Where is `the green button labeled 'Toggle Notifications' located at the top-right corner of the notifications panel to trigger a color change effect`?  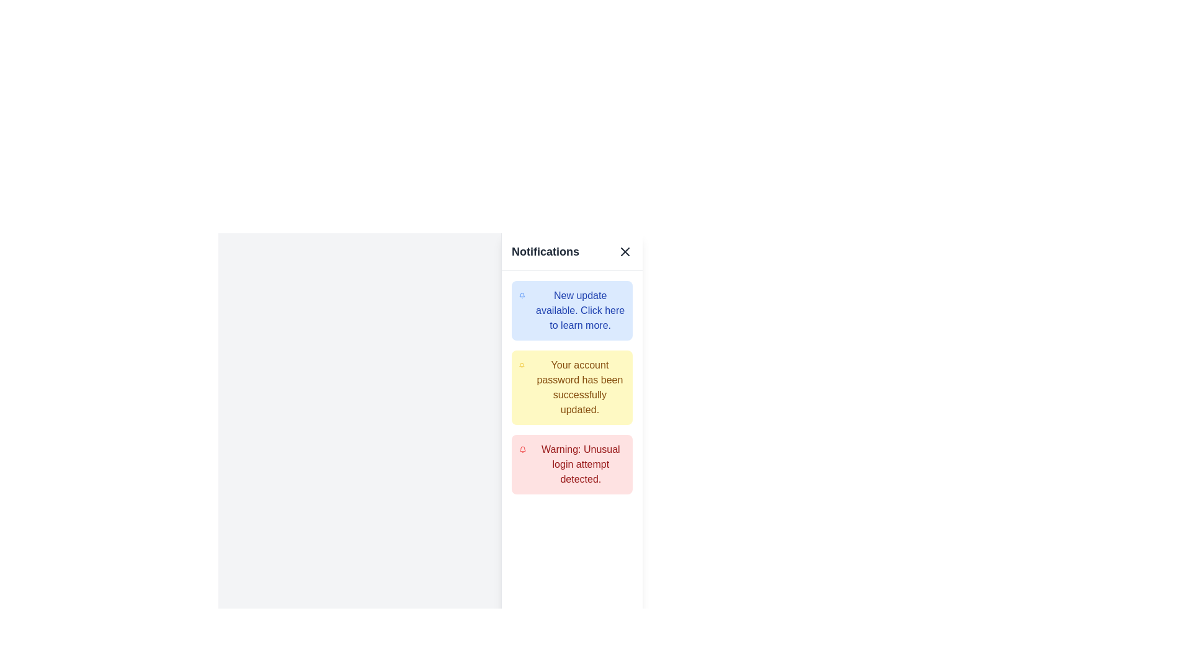 the green button labeled 'Toggle Notifications' located at the top-right corner of the notifications panel to trigger a color change effect is located at coordinates (564, 267).